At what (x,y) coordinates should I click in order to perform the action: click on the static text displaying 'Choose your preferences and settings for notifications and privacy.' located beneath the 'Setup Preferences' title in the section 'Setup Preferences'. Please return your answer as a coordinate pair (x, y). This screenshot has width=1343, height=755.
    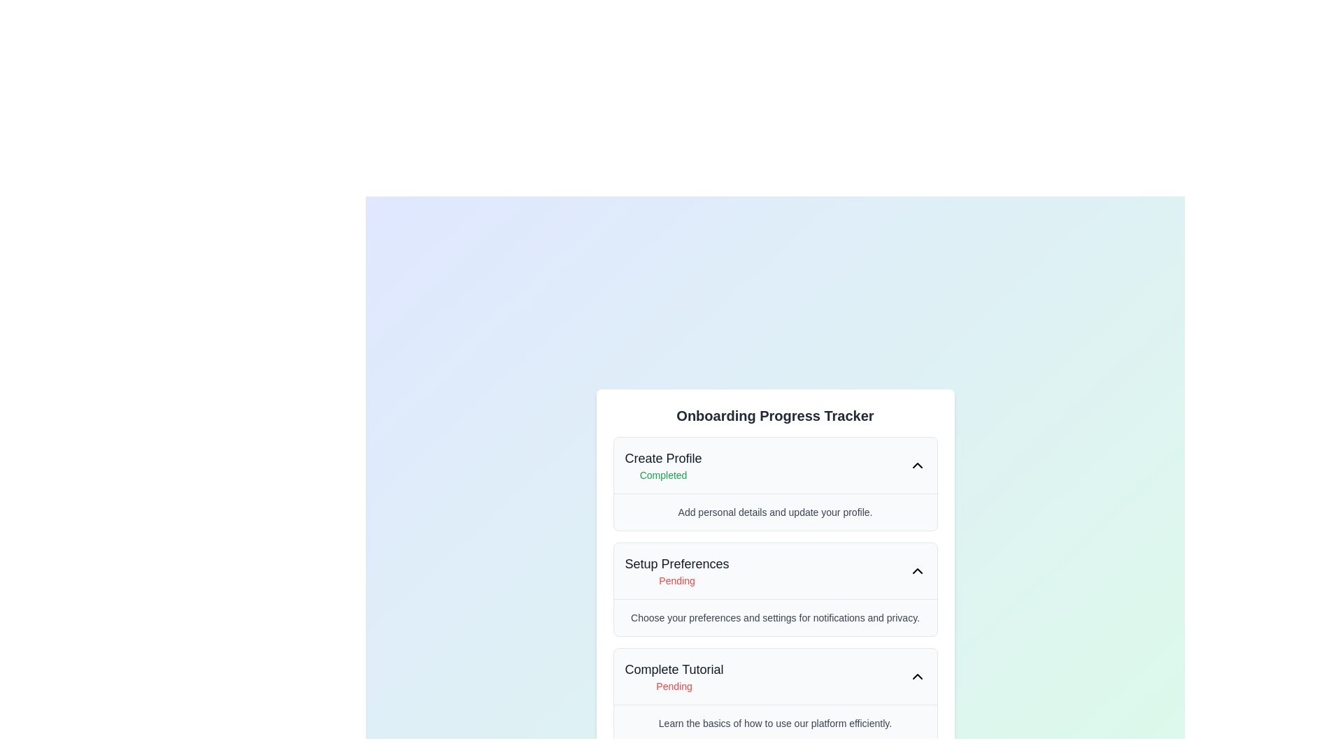
    Looking at the image, I should click on (774, 617).